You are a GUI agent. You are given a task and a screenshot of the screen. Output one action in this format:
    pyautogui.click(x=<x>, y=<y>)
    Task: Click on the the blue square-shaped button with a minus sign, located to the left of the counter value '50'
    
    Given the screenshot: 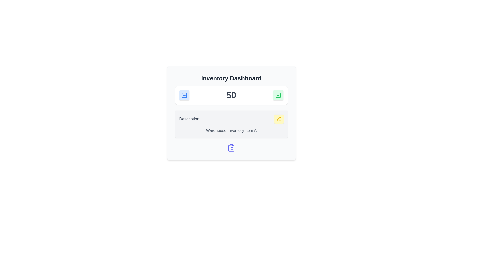 What is the action you would take?
    pyautogui.click(x=184, y=95)
    